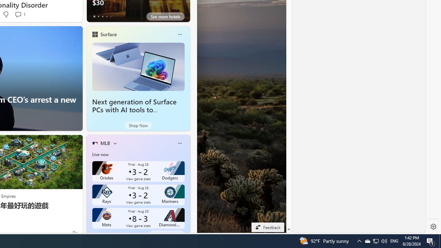  I want to click on 'More interests', so click(115, 143).